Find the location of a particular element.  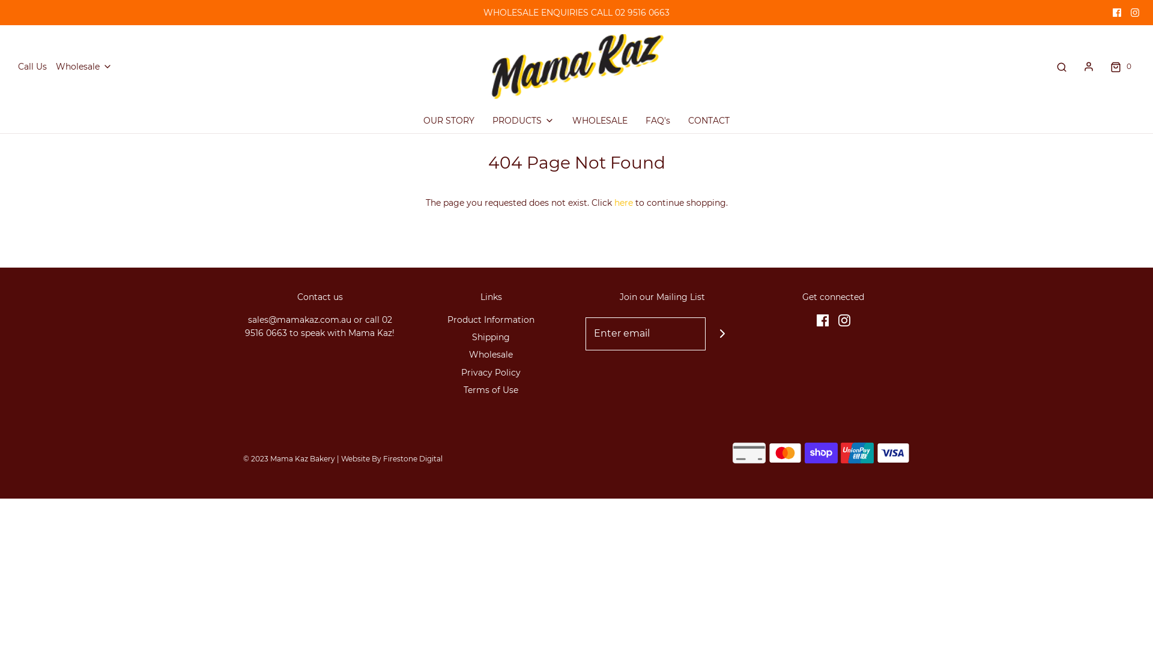

'Call Us' is located at coordinates (17, 67).